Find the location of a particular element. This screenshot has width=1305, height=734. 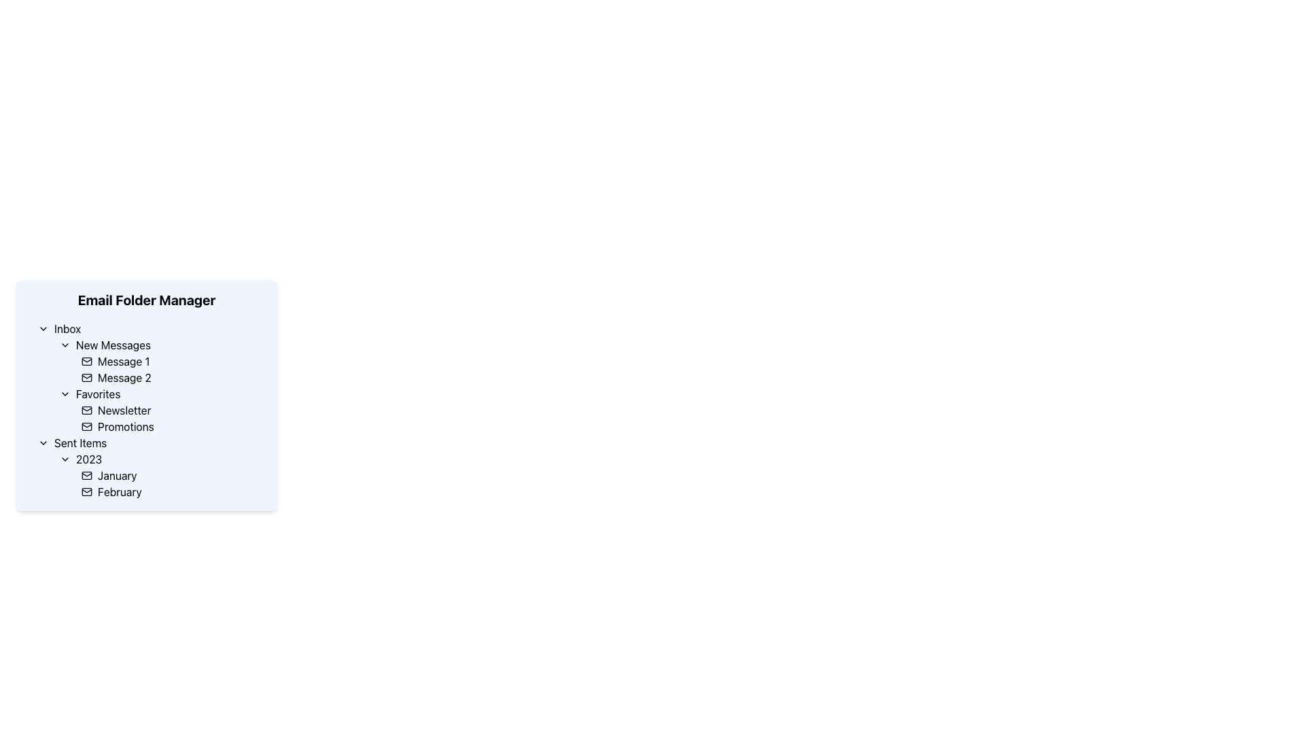

the 'Promotions' text label, which is the second item under the 'Favorites' category in the menu, following the 'Newsletter' option and associated with an envelope icon is located at coordinates (126, 426).